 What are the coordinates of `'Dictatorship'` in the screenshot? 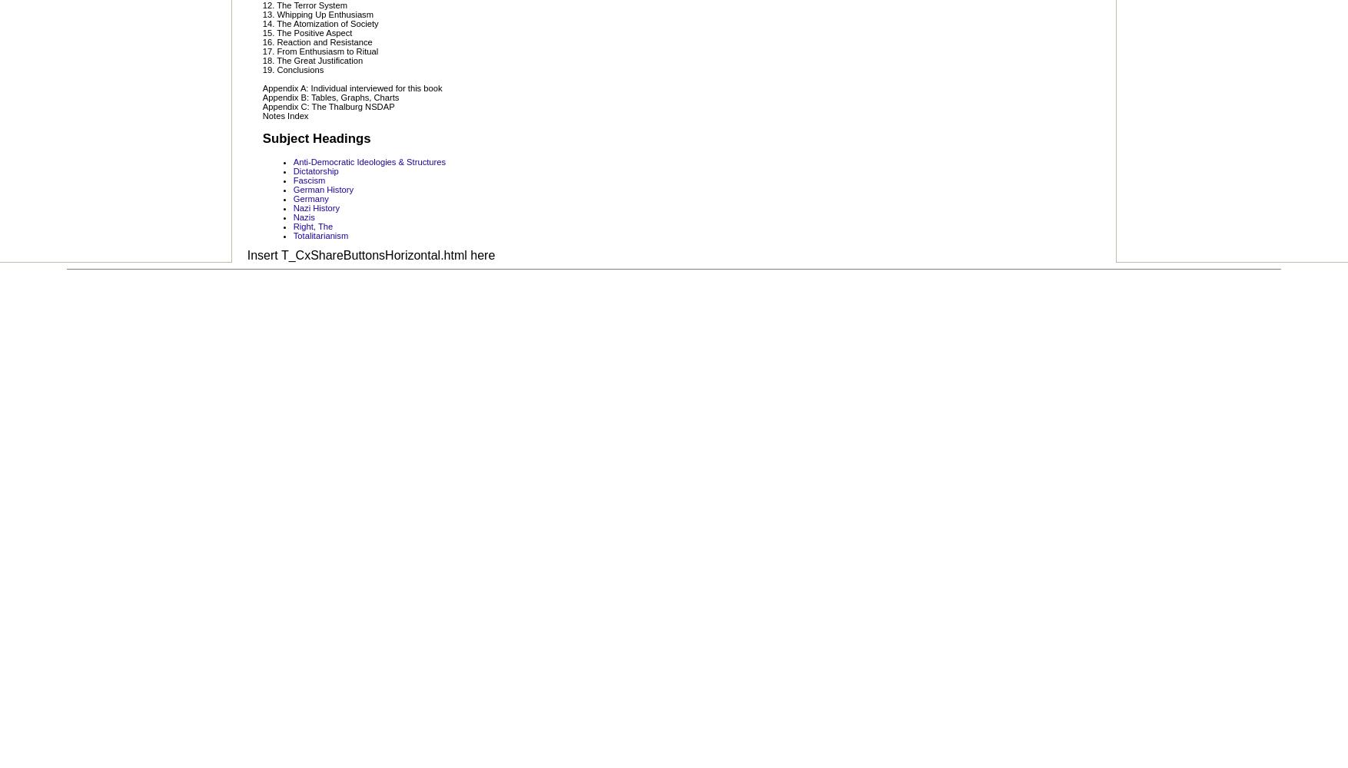 It's located at (315, 170).